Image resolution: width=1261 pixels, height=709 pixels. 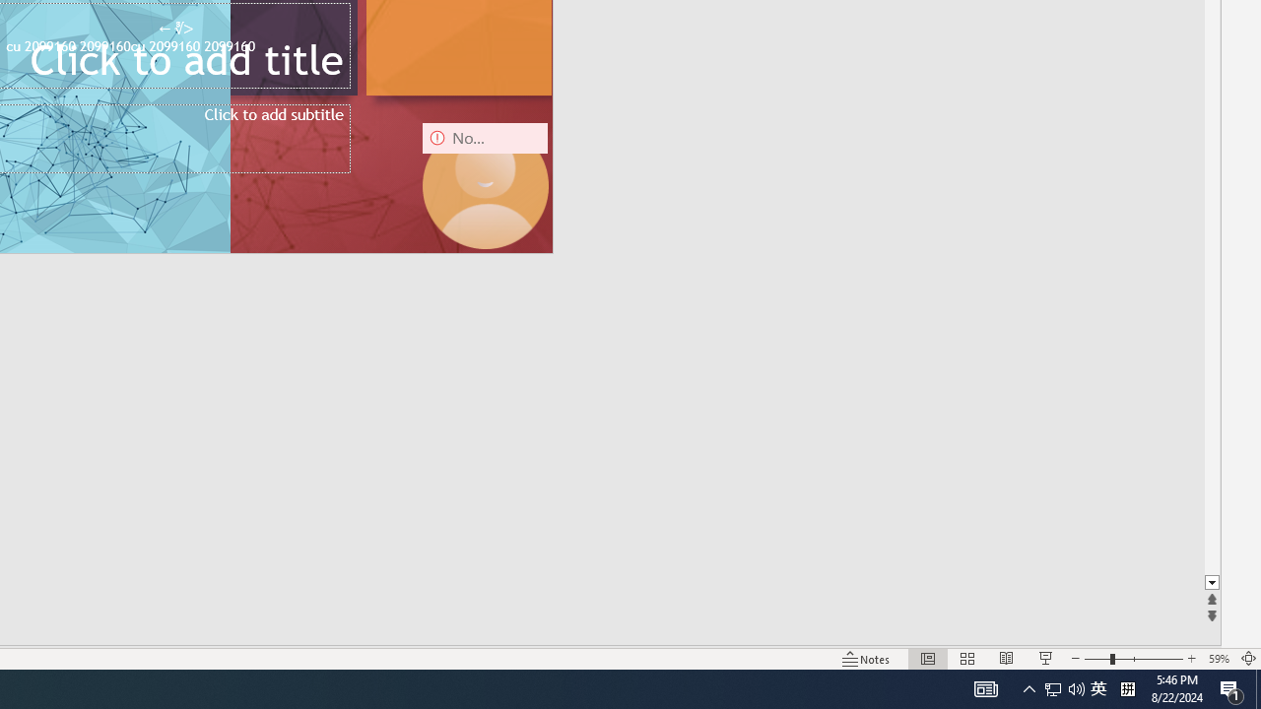 What do you see at coordinates (176, 30) in the screenshot?
I see `'TextBox 7'` at bounding box center [176, 30].